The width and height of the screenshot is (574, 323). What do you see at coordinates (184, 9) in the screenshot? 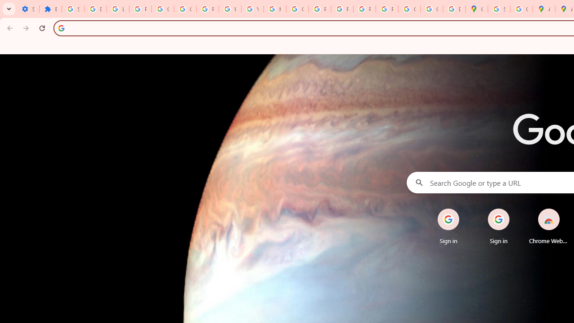
I see `'Google Account Help'` at bounding box center [184, 9].